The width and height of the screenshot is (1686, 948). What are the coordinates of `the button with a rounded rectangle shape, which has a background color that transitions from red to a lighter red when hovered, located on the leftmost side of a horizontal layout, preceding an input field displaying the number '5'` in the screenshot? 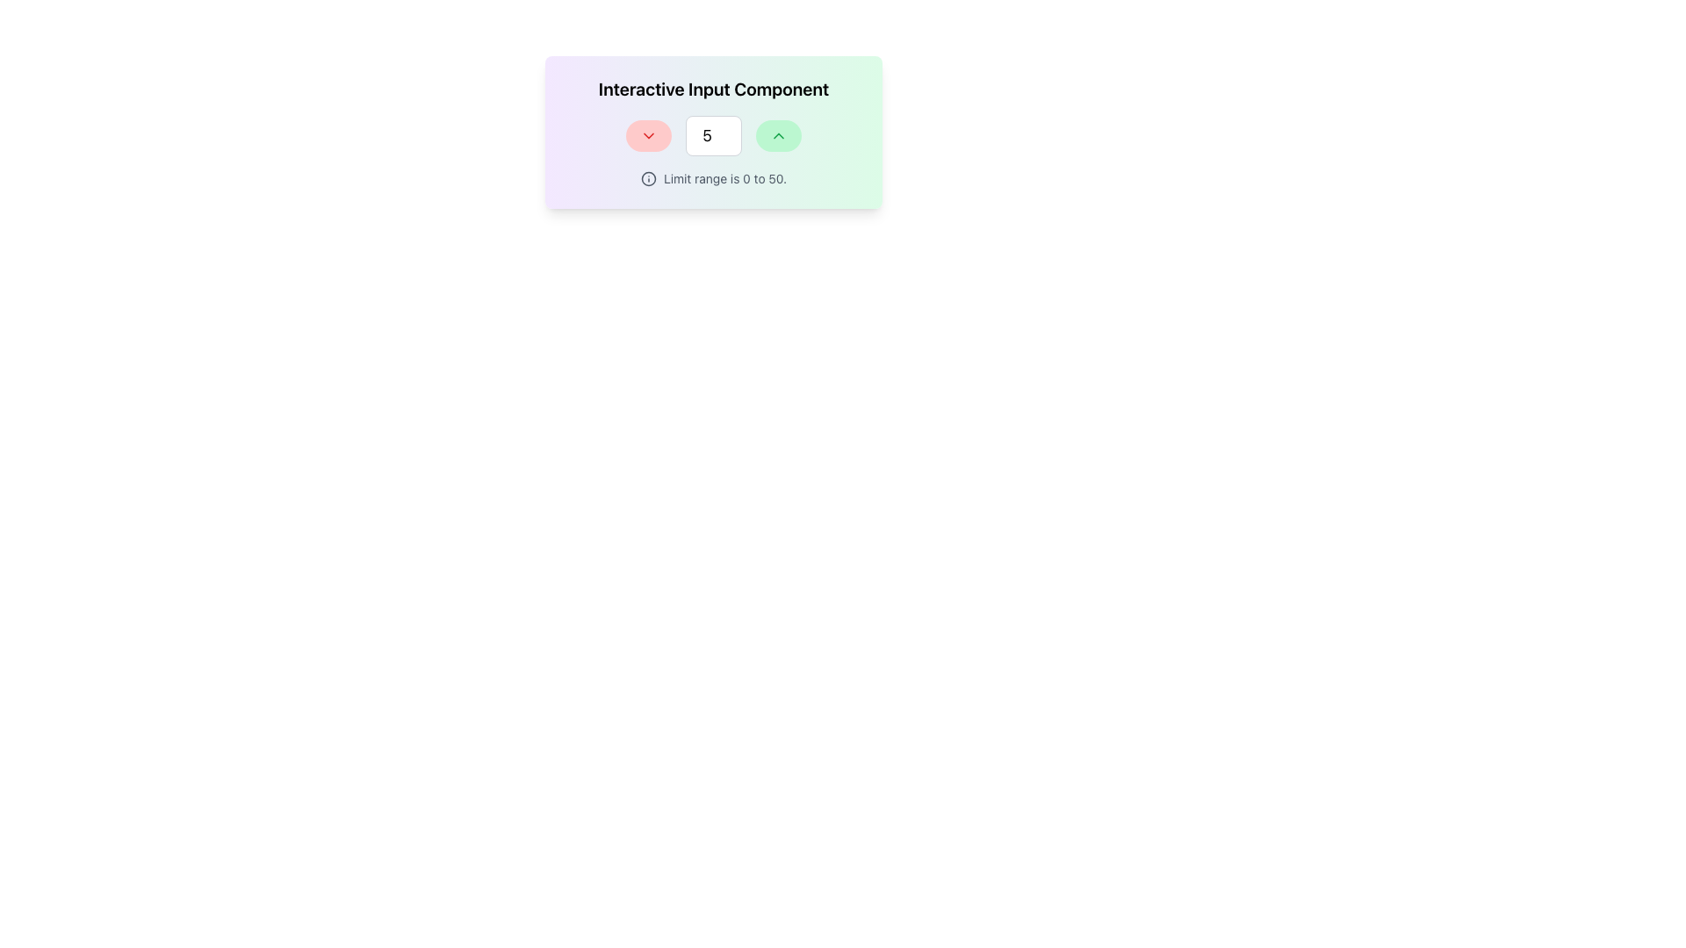 It's located at (648, 134).